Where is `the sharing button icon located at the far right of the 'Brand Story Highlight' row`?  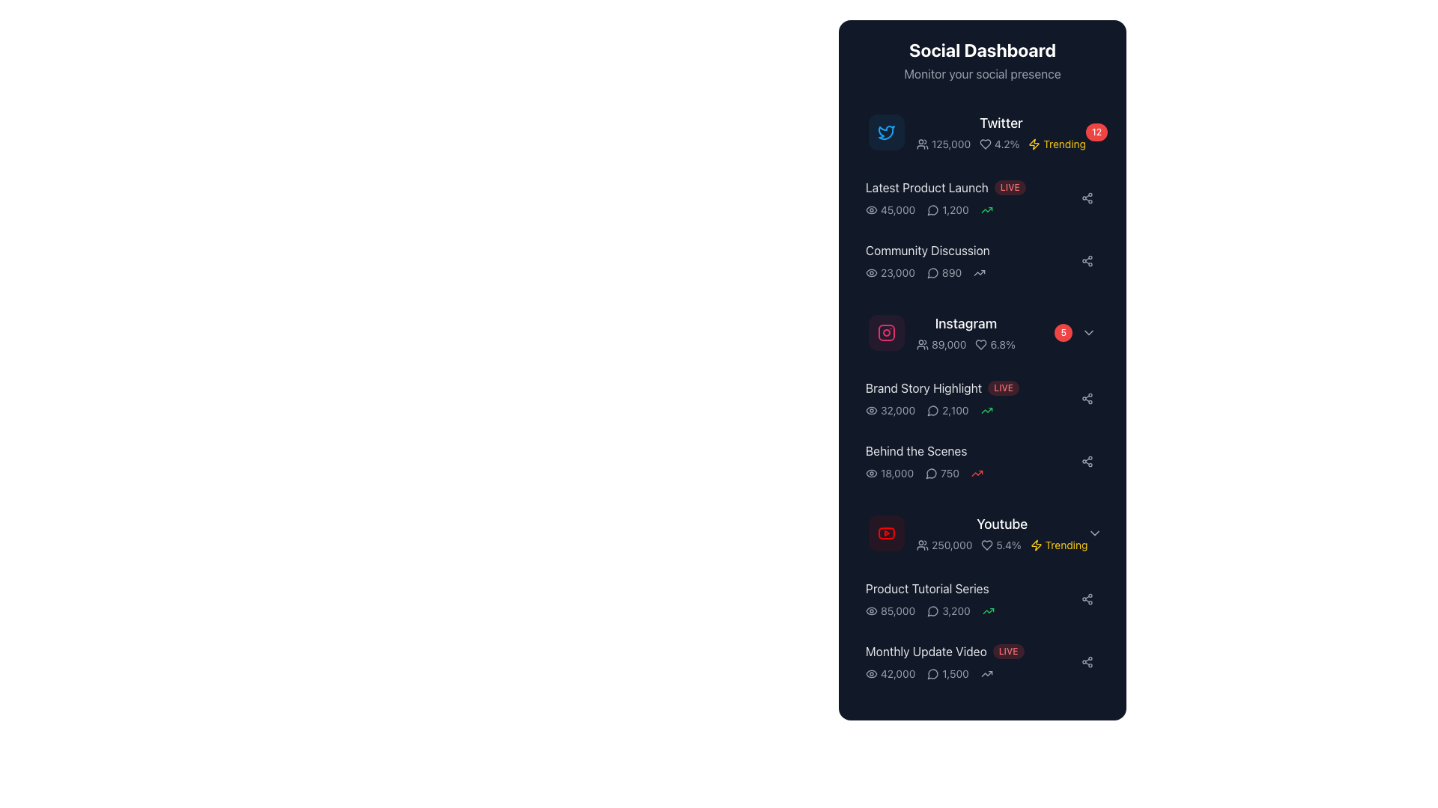
the sharing button icon located at the far right of the 'Brand Story Highlight' row is located at coordinates (1087, 397).